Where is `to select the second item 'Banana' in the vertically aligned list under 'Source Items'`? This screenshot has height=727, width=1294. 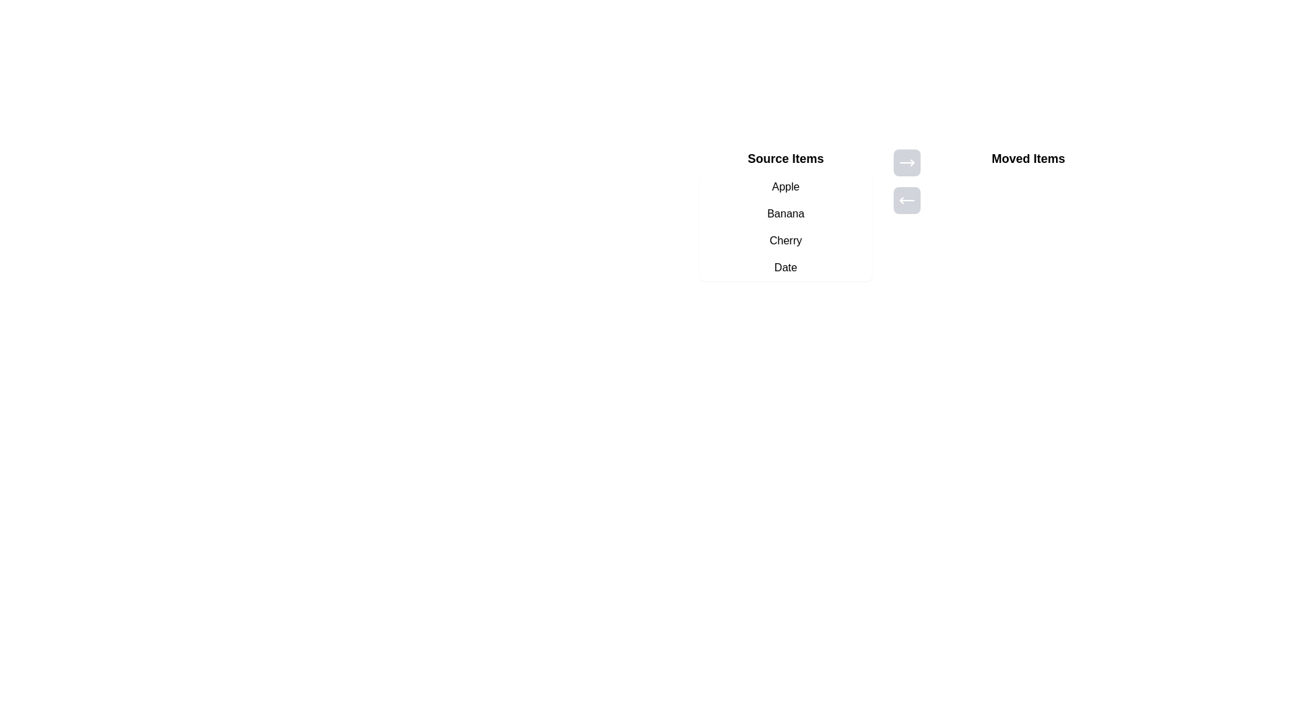
to select the second item 'Banana' in the vertically aligned list under 'Source Items' is located at coordinates (786, 213).